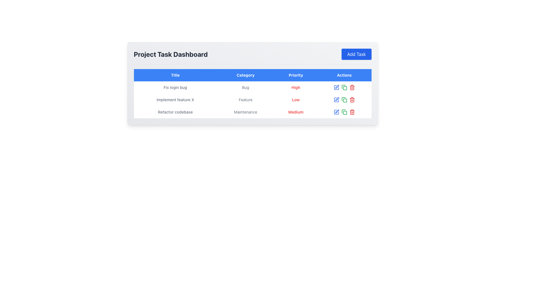 This screenshot has width=538, height=302. What do you see at coordinates (343, 99) in the screenshot?
I see `the folder or file icon represented as an SVG graphic in the 'Actions' column of the table row labeled 'Feature'` at bounding box center [343, 99].